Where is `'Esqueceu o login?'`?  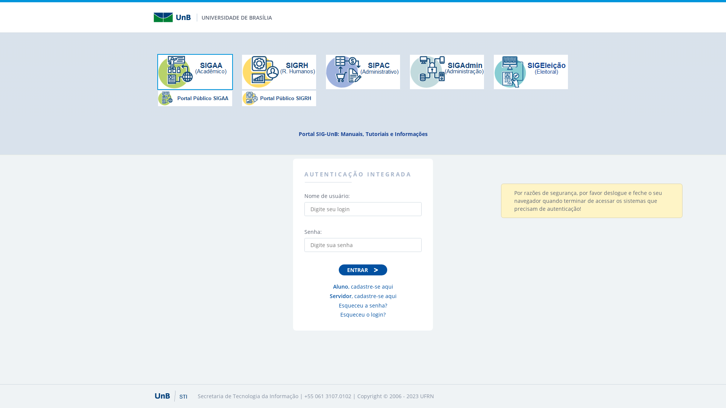 'Esqueceu o login?' is located at coordinates (362, 314).